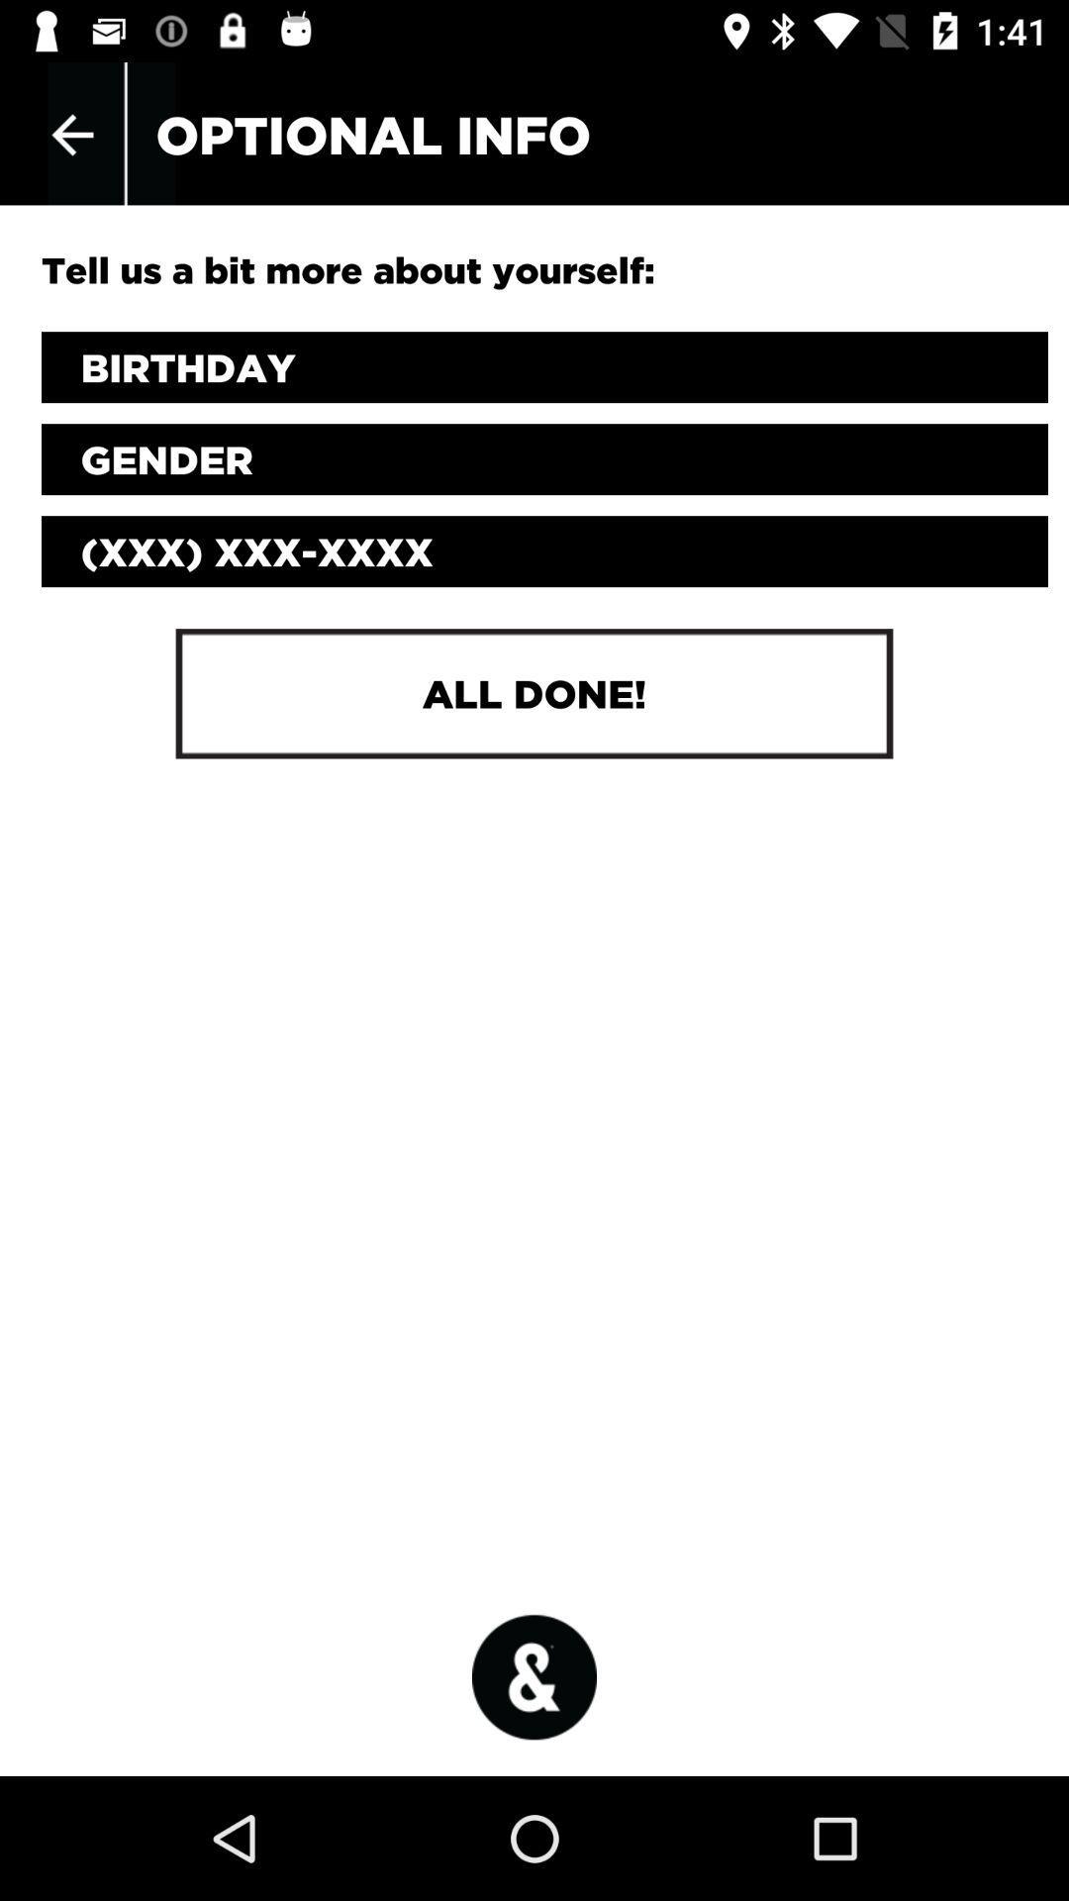  I want to click on gender, so click(544, 458).